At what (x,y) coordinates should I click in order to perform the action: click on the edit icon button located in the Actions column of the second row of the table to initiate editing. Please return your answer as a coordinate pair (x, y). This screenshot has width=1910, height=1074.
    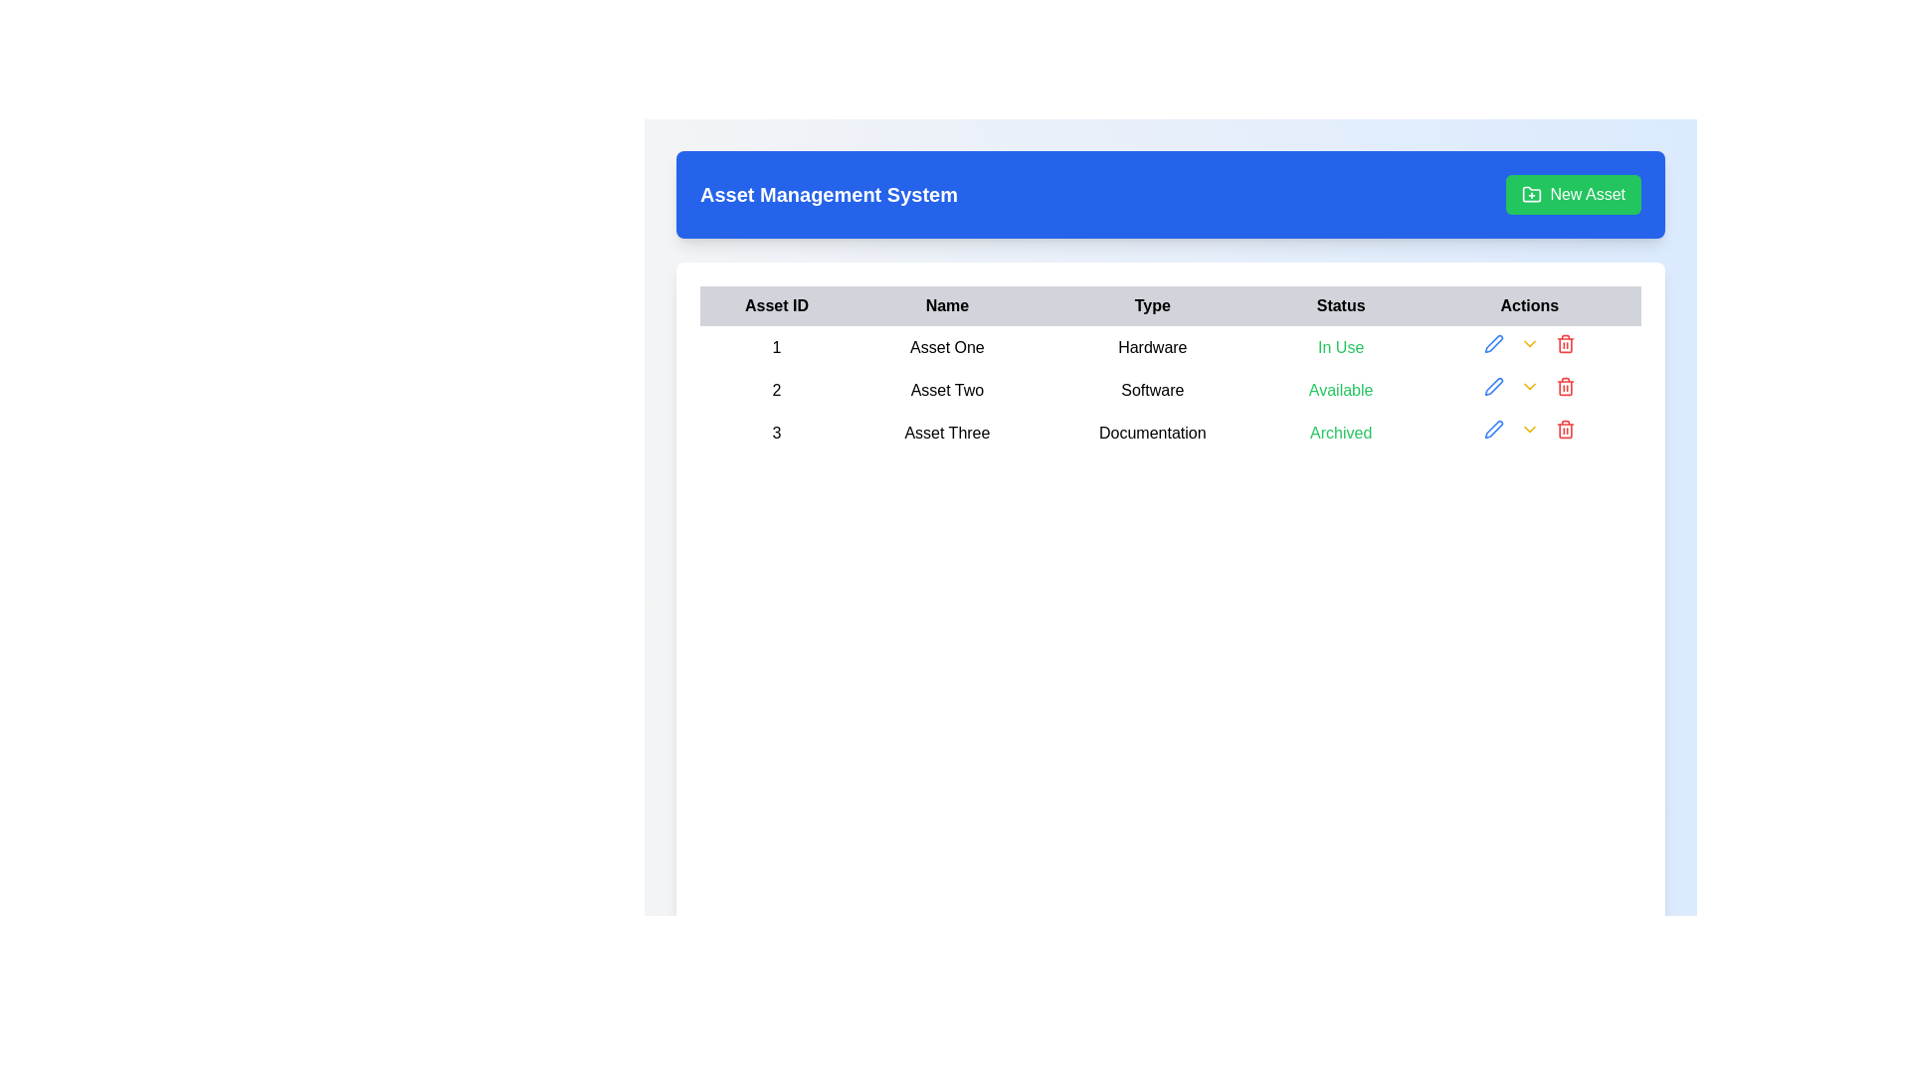
    Looking at the image, I should click on (1493, 343).